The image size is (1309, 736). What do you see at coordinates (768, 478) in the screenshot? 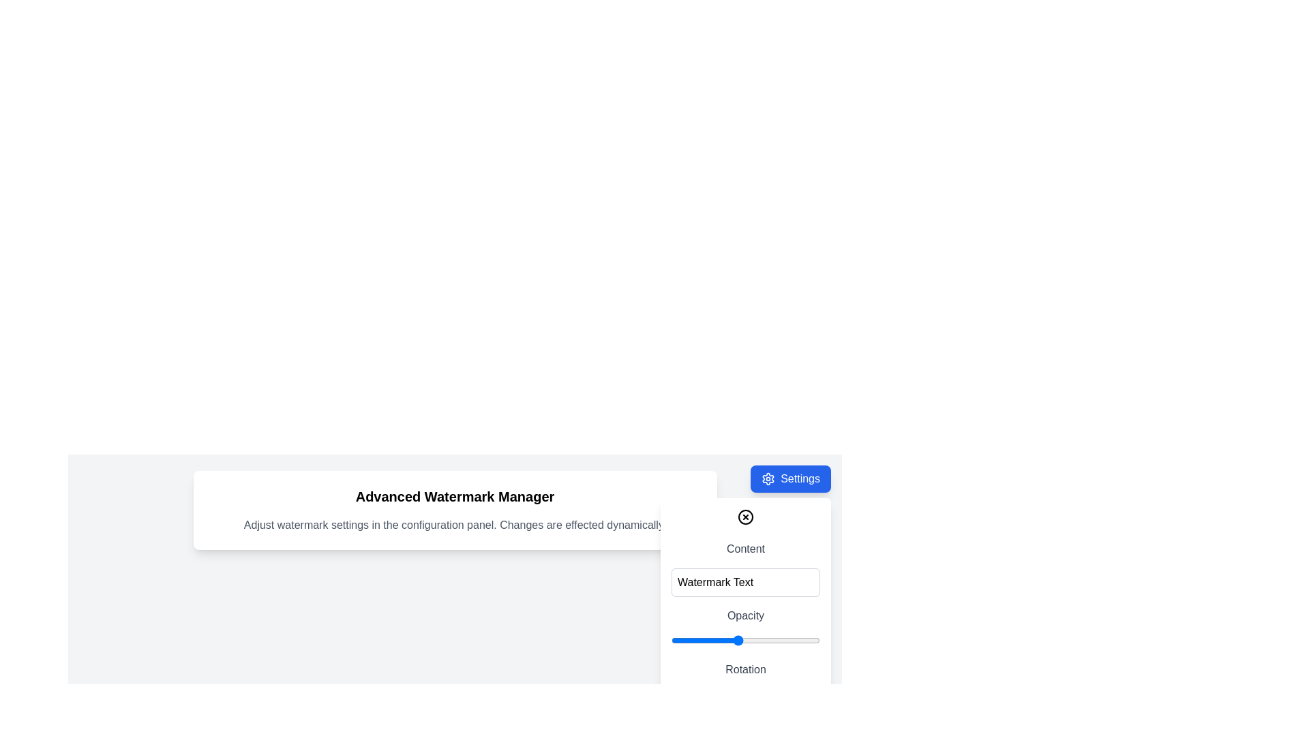
I see `the blue gear icon, which symbolizes settings` at bounding box center [768, 478].